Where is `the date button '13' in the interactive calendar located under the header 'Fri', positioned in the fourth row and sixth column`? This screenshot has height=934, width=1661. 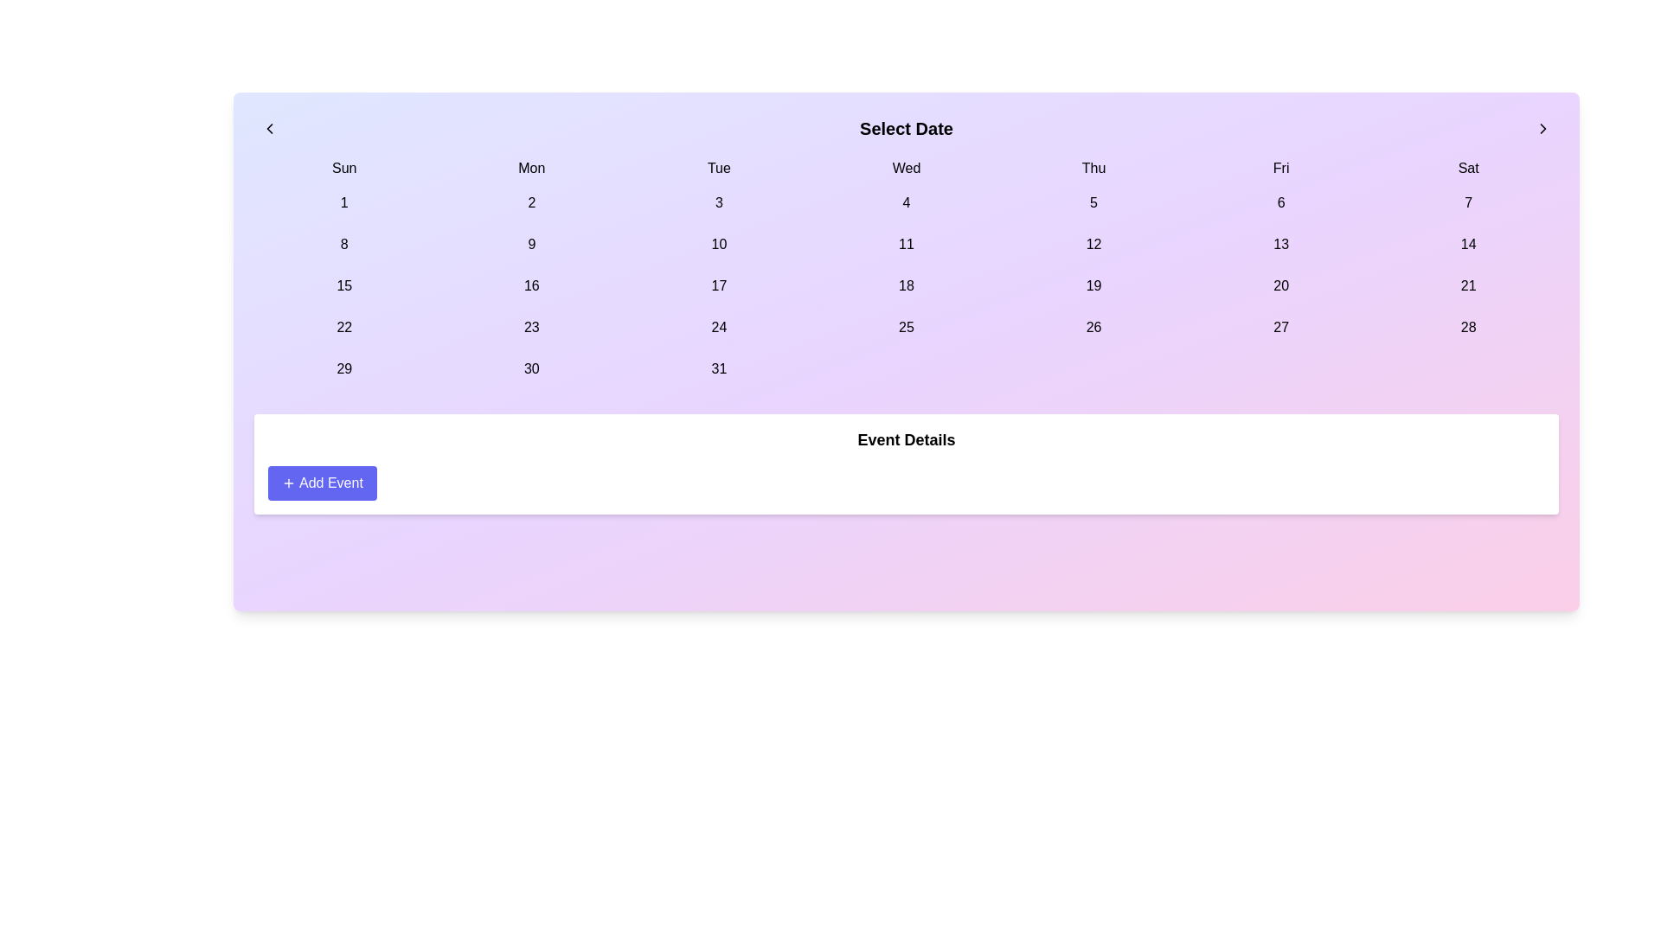 the date button '13' in the interactive calendar located under the header 'Fri', positioned in the fourth row and sixth column is located at coordinates (1281, 244).